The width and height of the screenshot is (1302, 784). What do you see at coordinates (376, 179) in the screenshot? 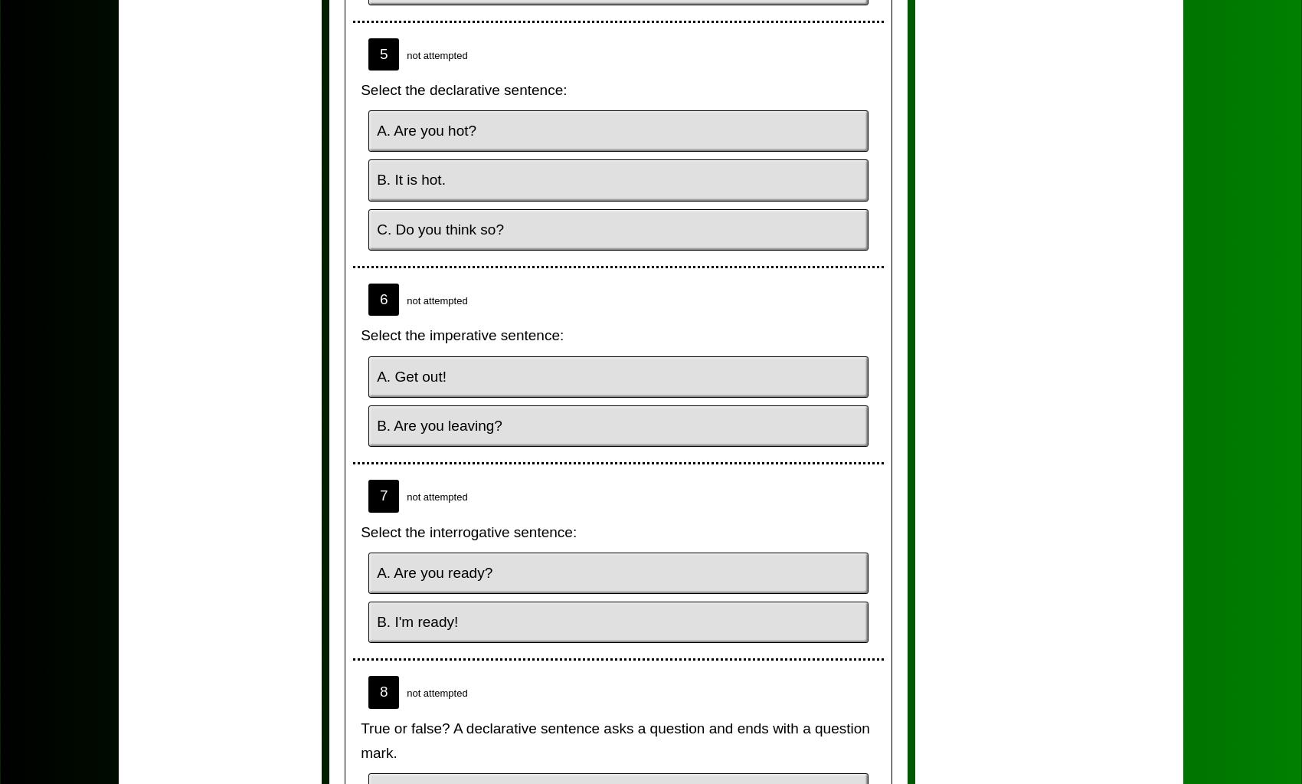
I see `'B. It is hot.'` at bounding box center [376, 179].